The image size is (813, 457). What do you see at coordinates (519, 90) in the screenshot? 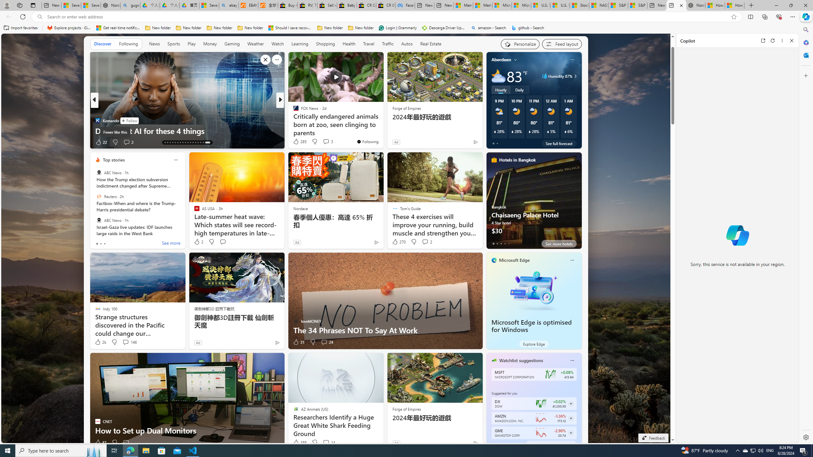
I see `'Daily'` at bounding box center [519, 90].